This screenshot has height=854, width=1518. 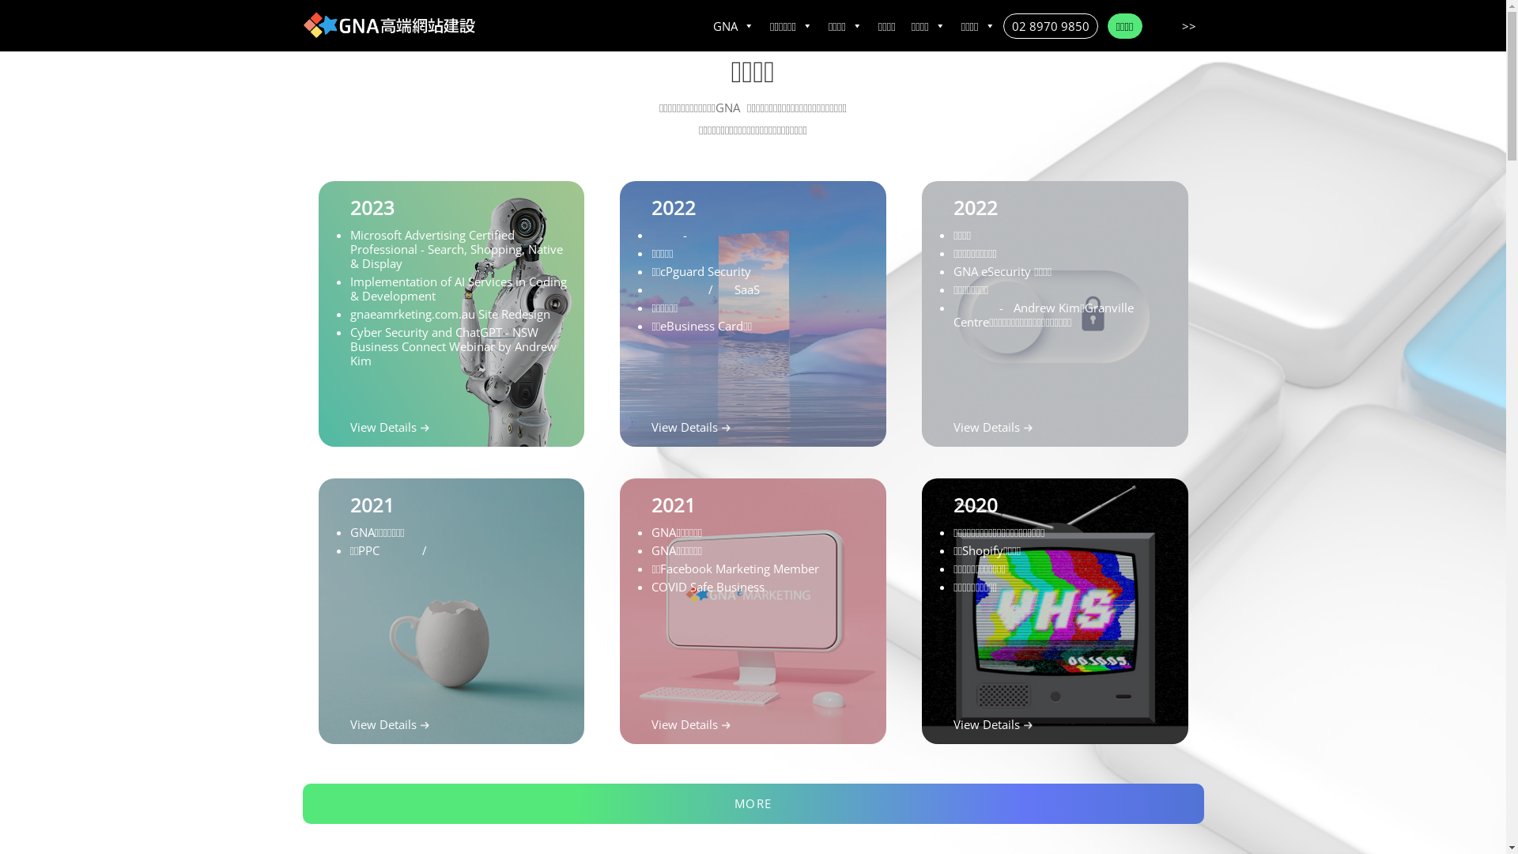 I want to click on 'View Details', so click(x=383, y=724).